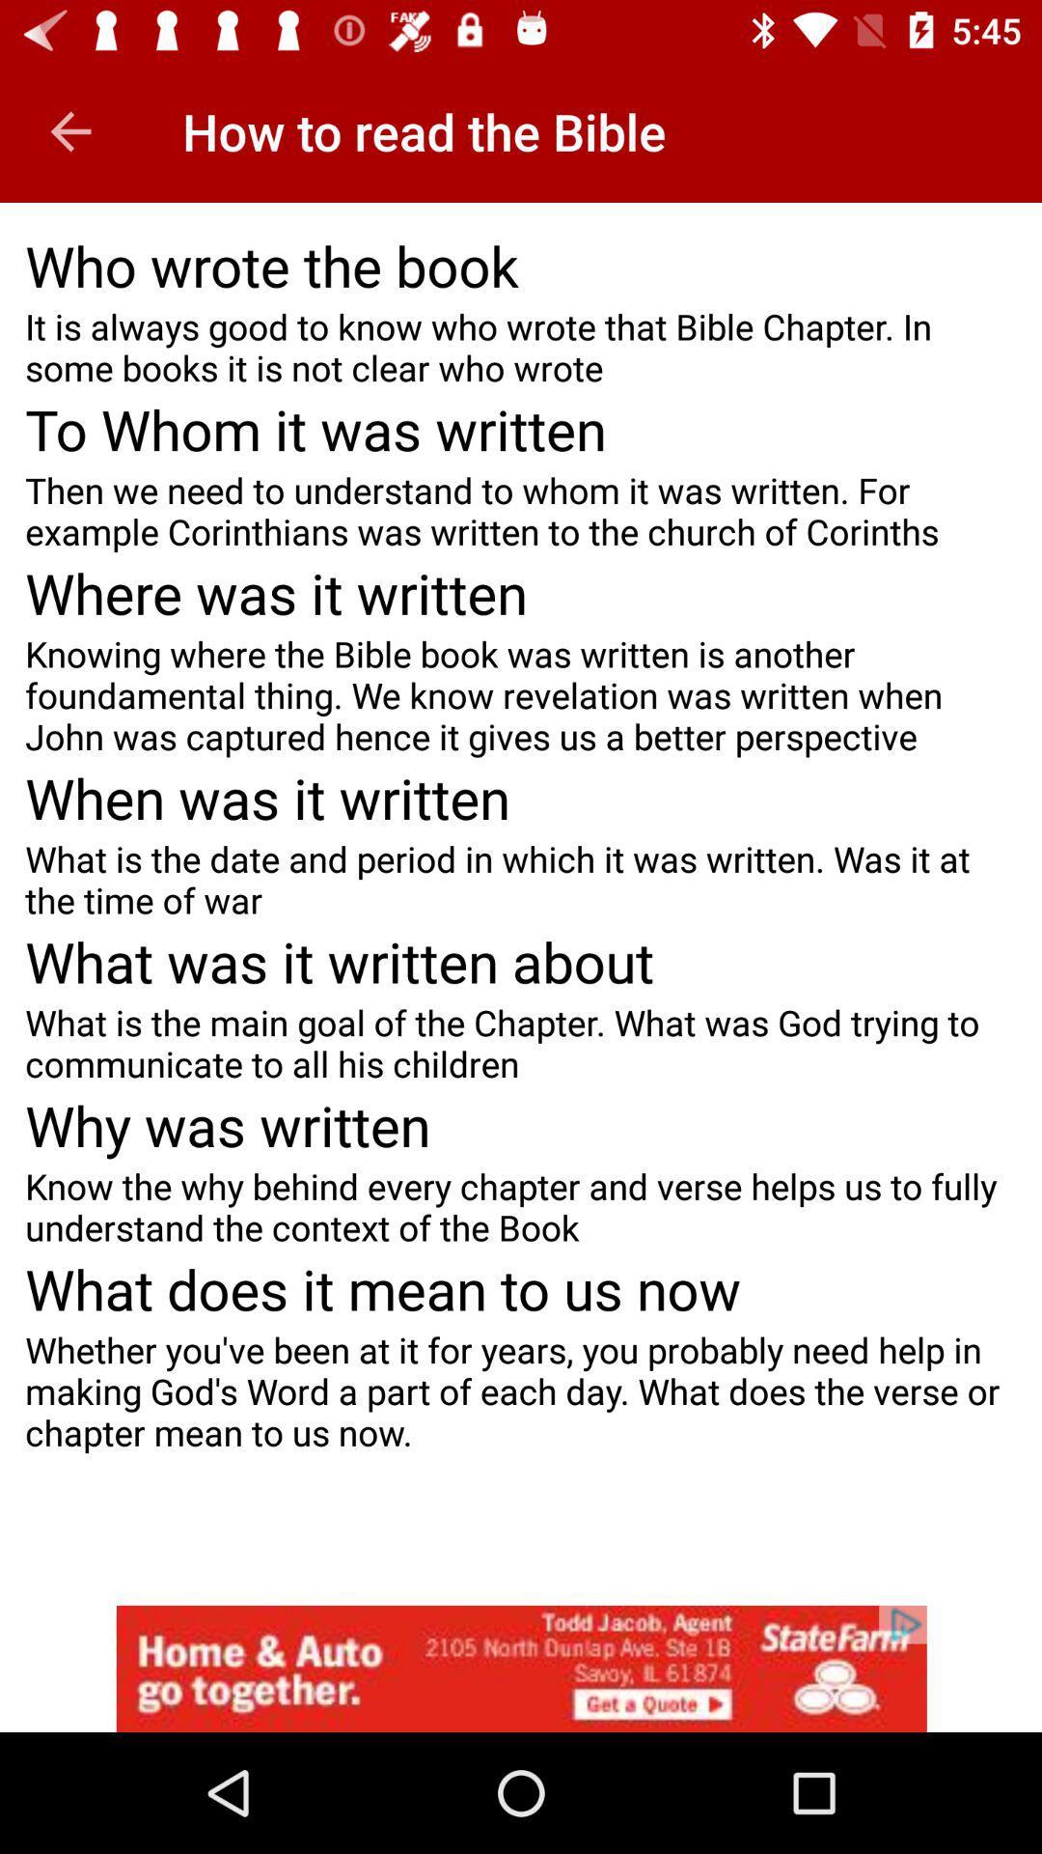  What do you see at coordinates (521, 1668) in the screenshot?
I see `open an advertisements` at bounding box center [521, 1668].